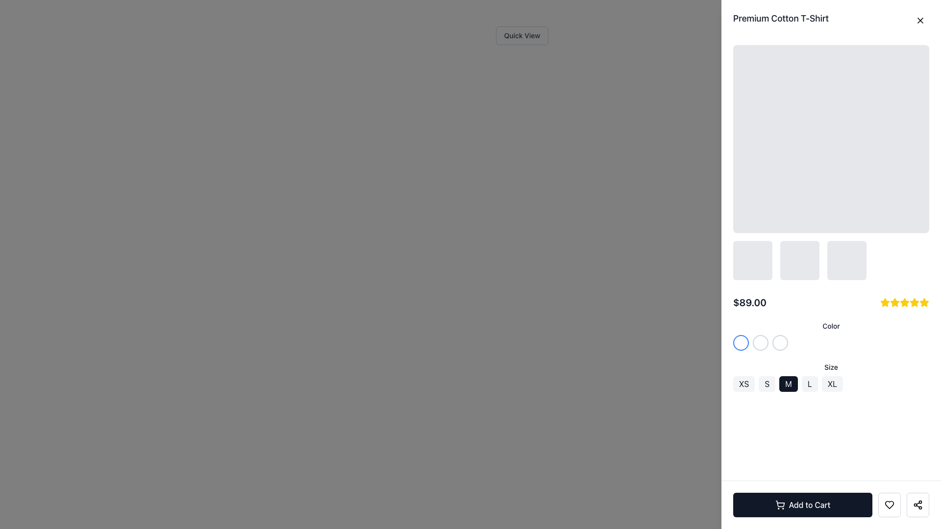  What do you see at coordinates (789, 383) in the screenshot?
I see `the rounded rectangular button with a dark background and white 'M' text` at bounding box center [789, 383].